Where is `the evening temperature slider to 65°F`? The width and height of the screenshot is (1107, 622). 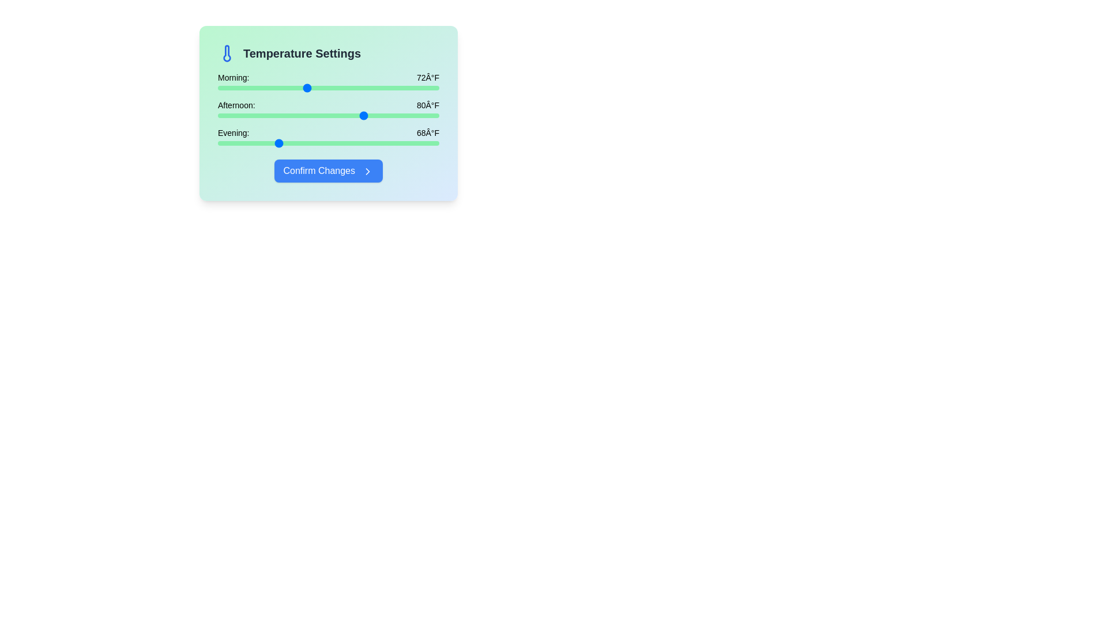 the evening temperature slider to 65°F is located at coordinates (254, 143).